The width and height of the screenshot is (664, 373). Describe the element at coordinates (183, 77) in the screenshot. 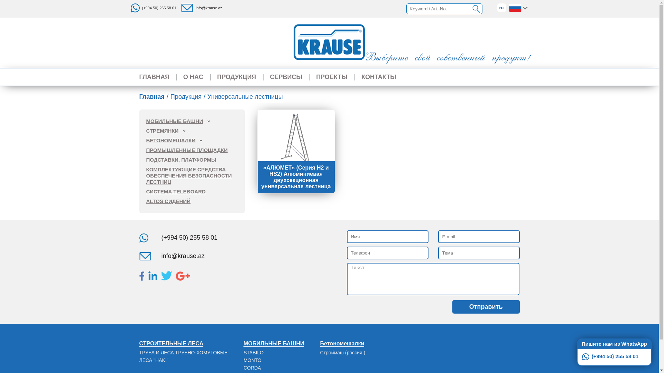

I see `'O HAC'` at that location.